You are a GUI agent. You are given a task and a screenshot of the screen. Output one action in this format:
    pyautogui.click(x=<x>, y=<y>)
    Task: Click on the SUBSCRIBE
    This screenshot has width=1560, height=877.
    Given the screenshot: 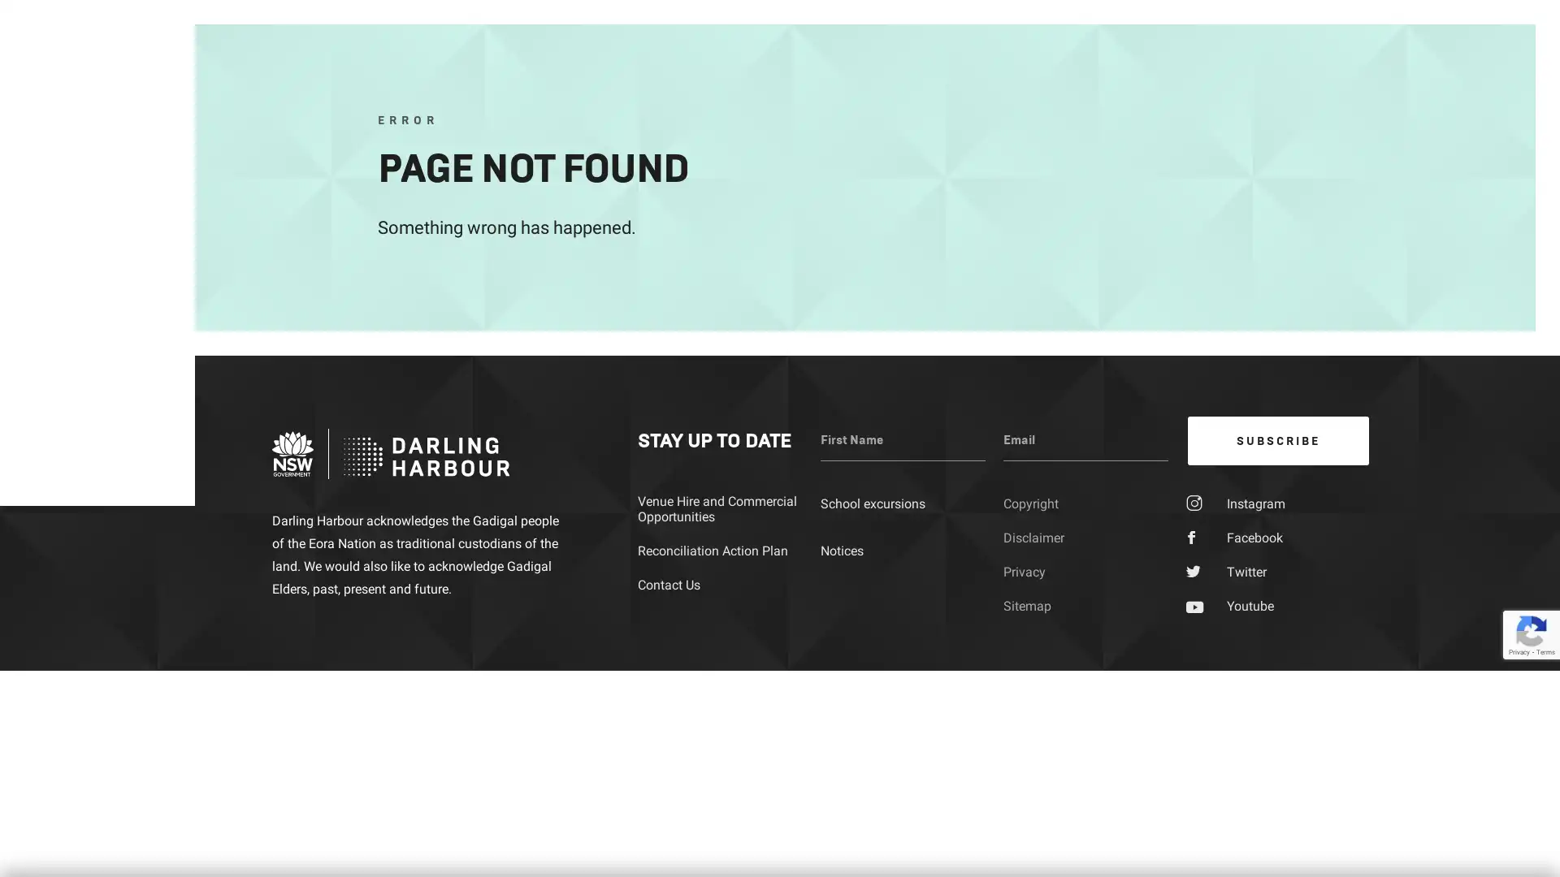 What is the action you would take?
    pyautogui.click(x=1277, y=441)
    